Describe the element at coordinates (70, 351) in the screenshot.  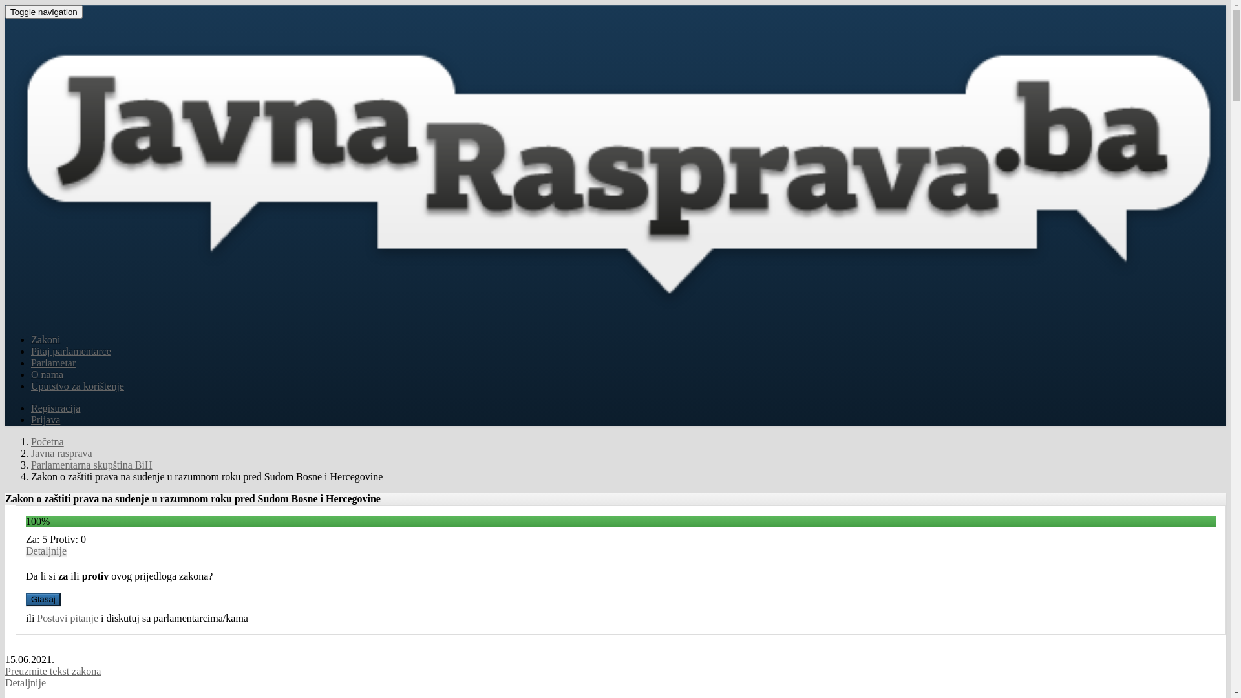
I see `'Pitaj parlamentarce'` at that location.